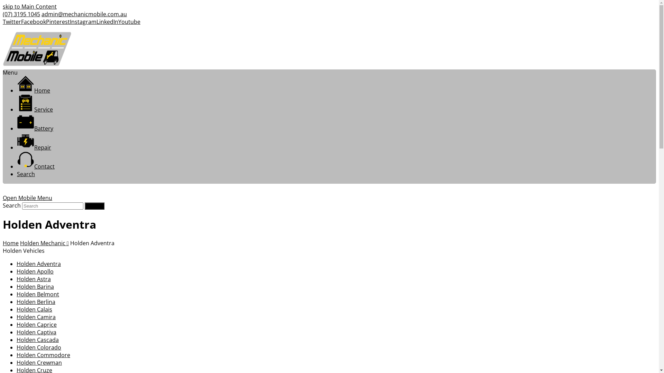  I want to click on 'Holden Apollo', so click(35, 271).